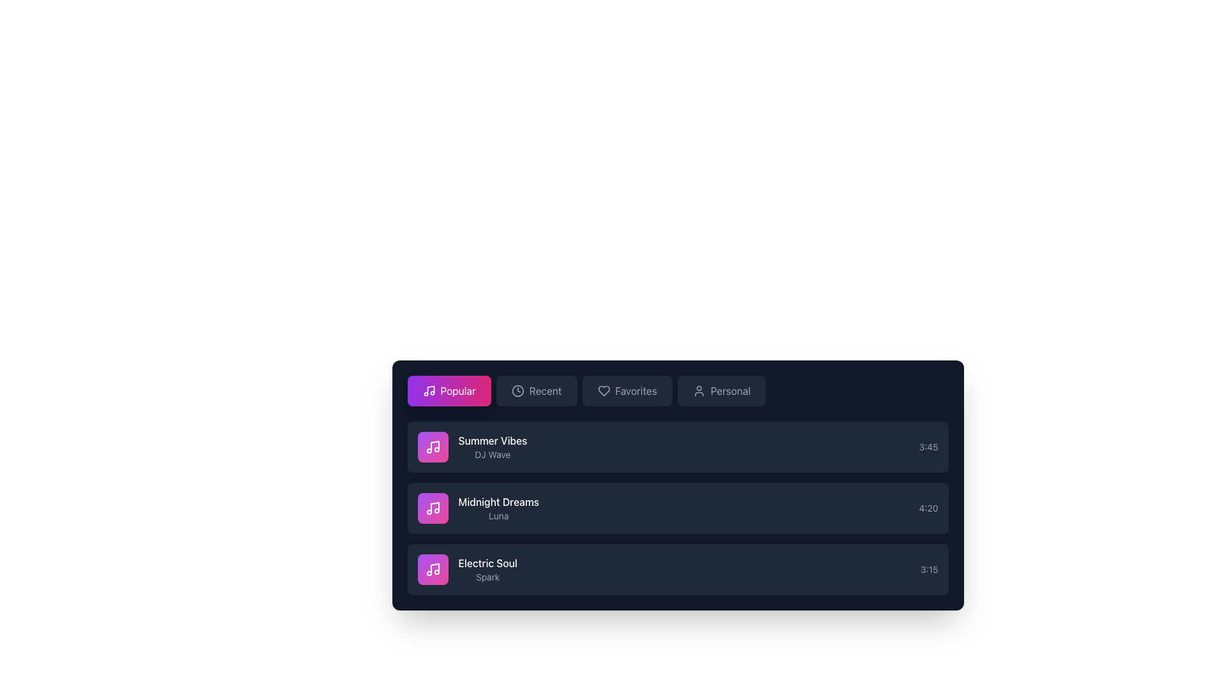  Describe the element at coordinates (677, 508) in the screenshot. I see `the second music track listing item 'Midnight Dreams' by 'Luna'` at that location.